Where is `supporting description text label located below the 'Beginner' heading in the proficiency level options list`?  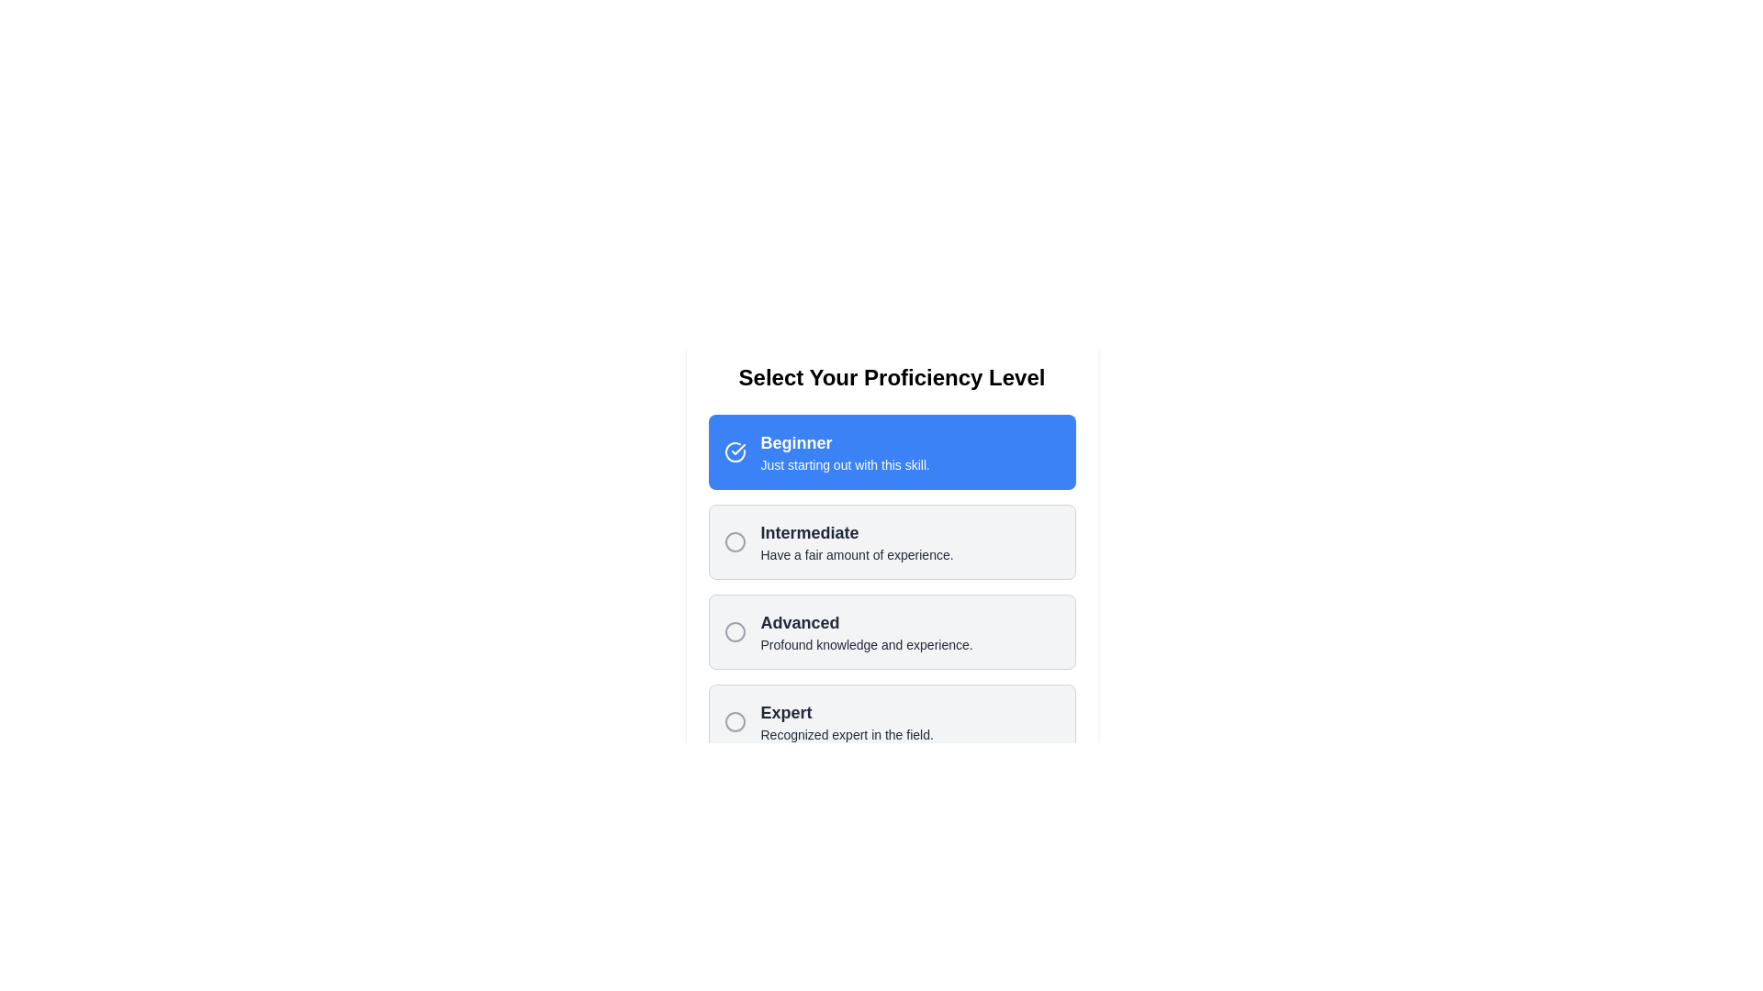 supporting description text label located below the 'Beginner' heading in the proficiency level options list is located at coordinates (844, 463).